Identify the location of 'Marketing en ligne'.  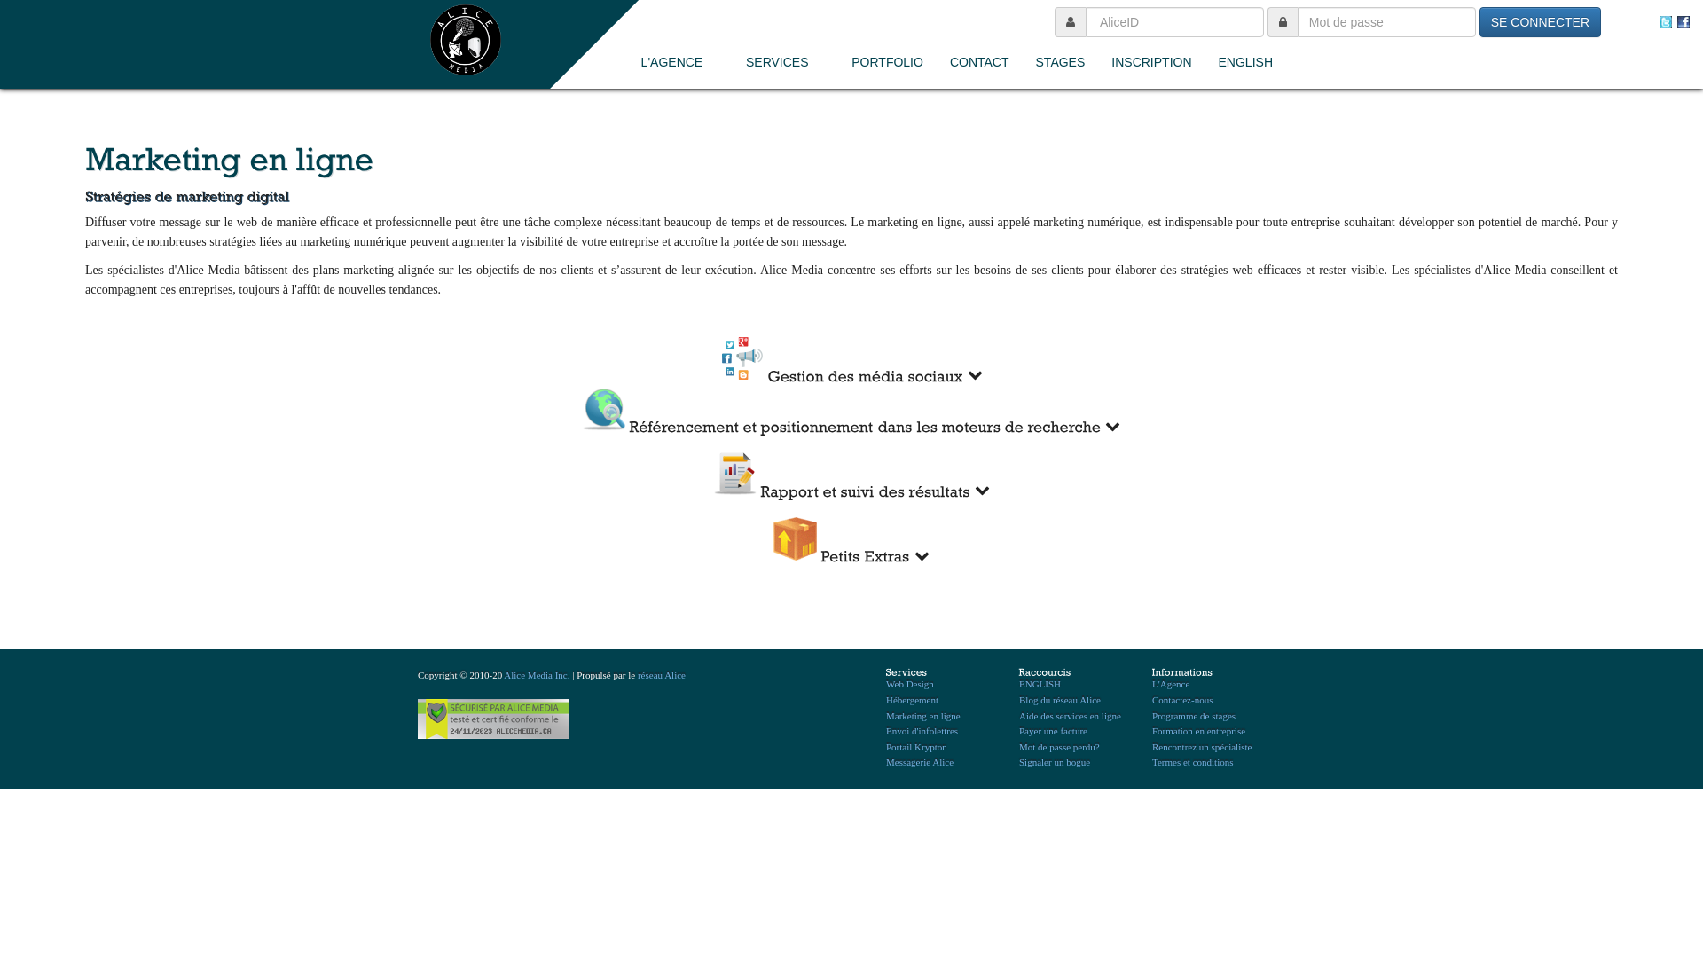
(922, 714).